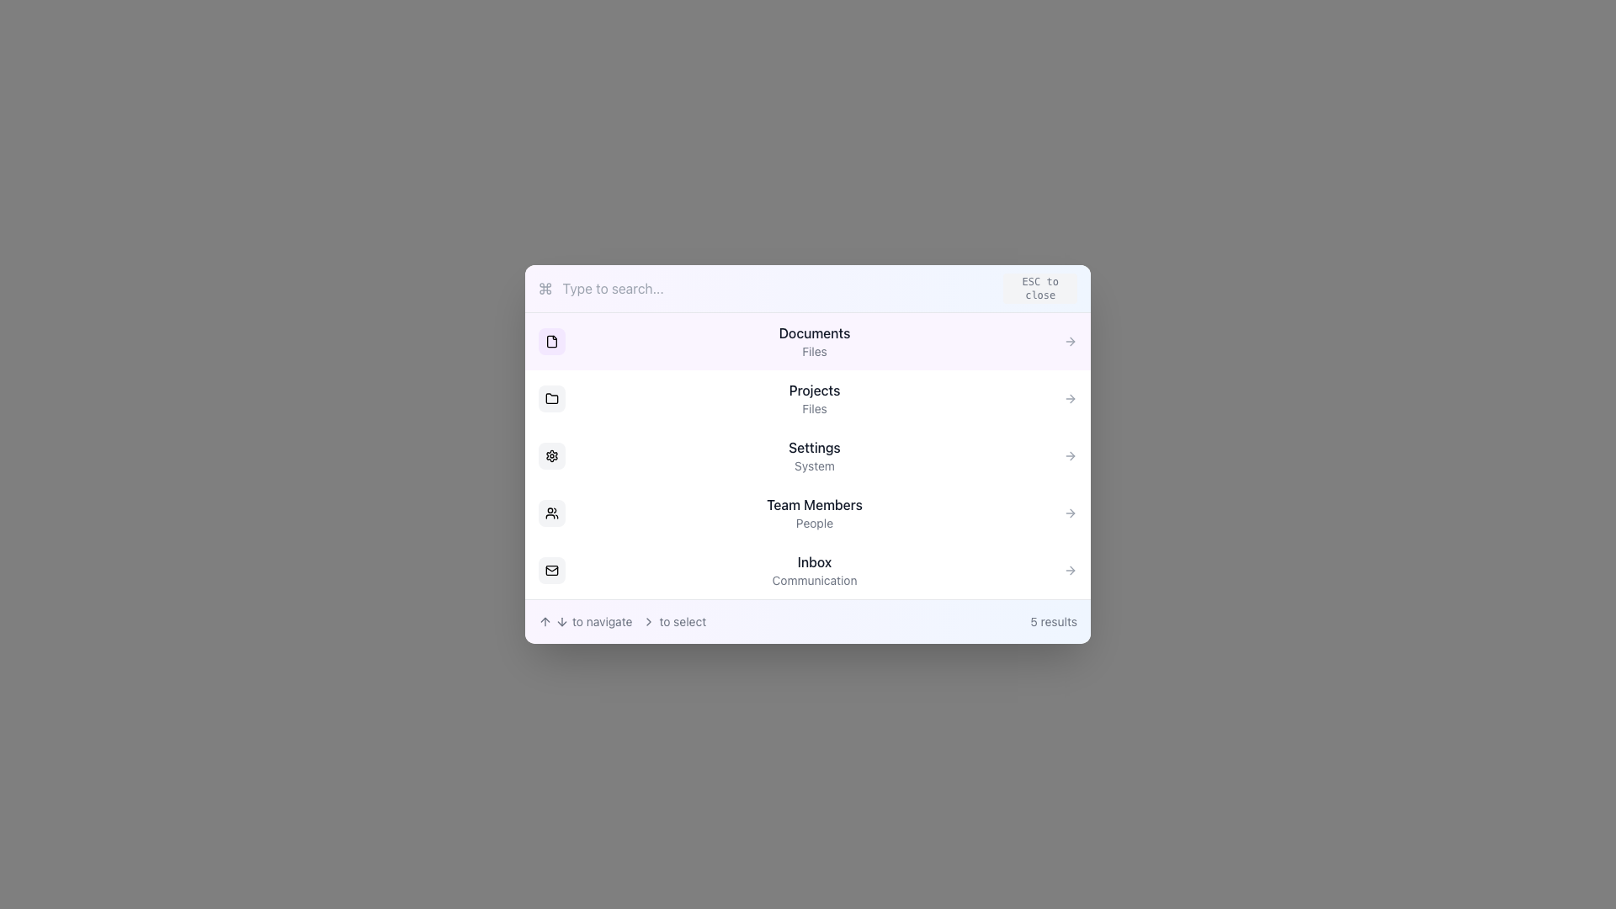  What do you see at coordinates (815, 466) in the screenshot?
I see `the static text label positioned directly beneath the 'Settings' heading, which serves as a descriptive subtitle for additional context` at bounding box center [815, 466].